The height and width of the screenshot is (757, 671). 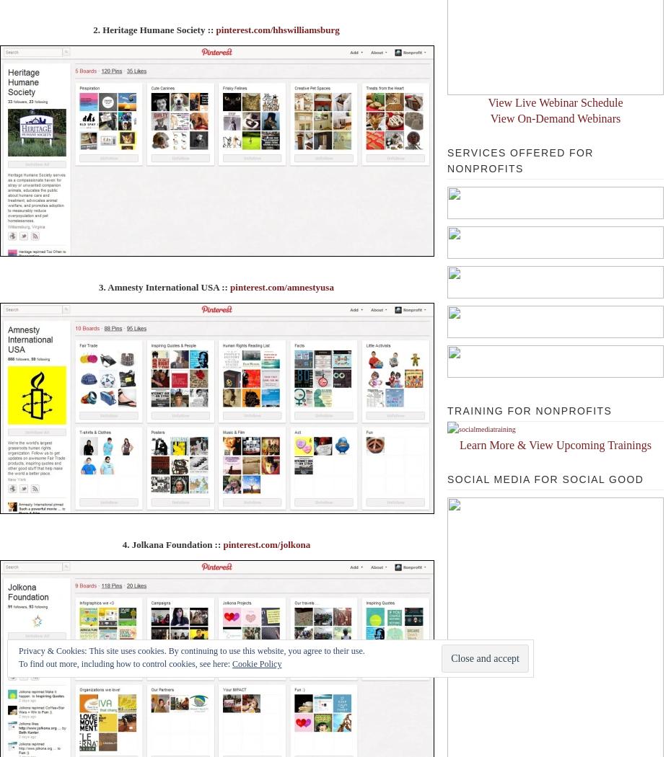 I want to click on 'Privacy & Cookies: This site uses cookies. By continuing to use this website, you agree to their use.', so click(x=18, y=651).